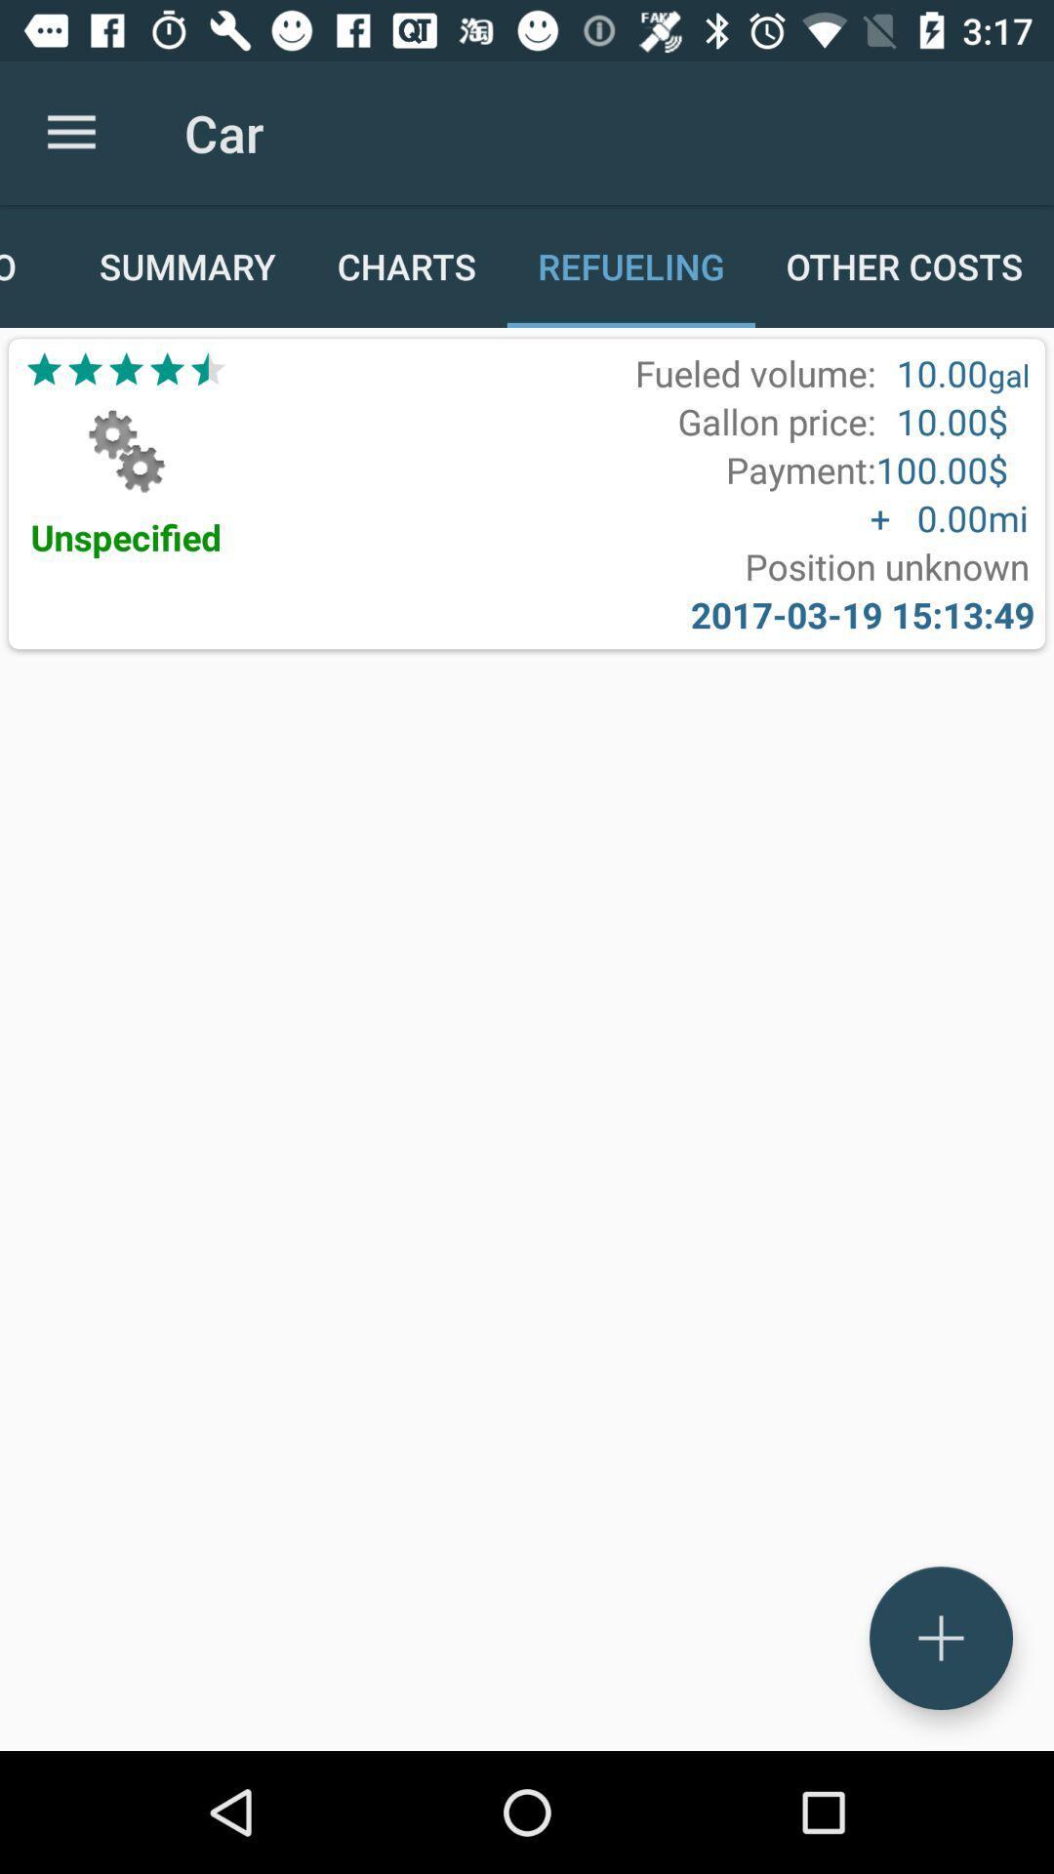 The height and width of the screenshot is (1874, 1054). Describe the element at coordinates (800, 469) in the screenshot. I see `the item next to 100.00 icon` at that location.